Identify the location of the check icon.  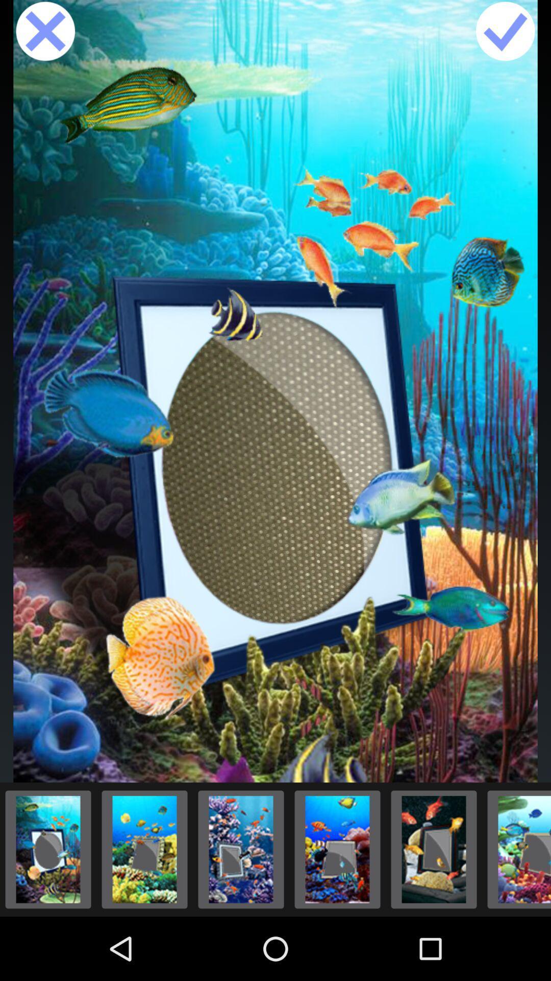
(505, 34).